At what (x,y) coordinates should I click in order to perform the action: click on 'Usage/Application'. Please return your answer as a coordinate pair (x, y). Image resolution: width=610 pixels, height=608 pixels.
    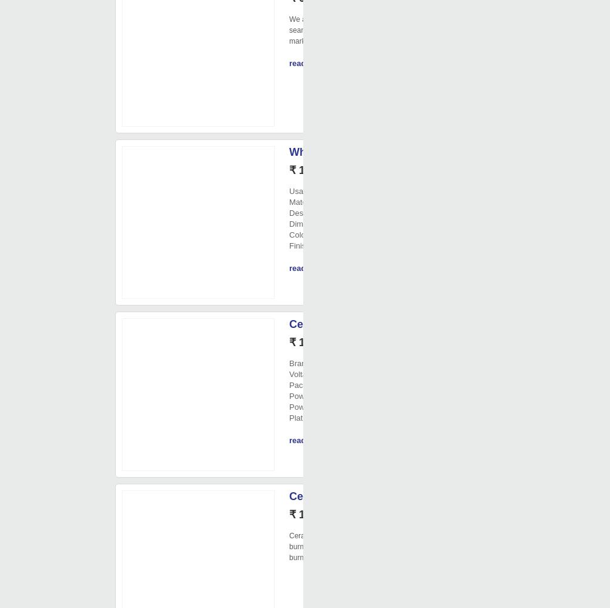
    Looking at the image, I should click on (320, 190).